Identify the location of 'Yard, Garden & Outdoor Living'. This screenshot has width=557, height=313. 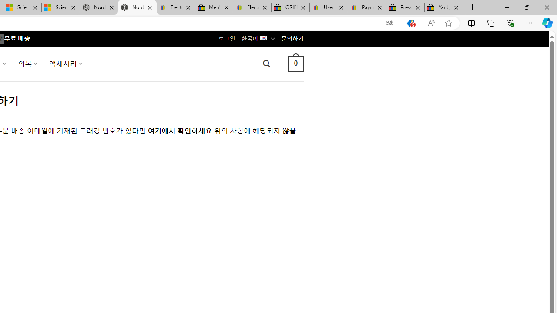
(443, 7).